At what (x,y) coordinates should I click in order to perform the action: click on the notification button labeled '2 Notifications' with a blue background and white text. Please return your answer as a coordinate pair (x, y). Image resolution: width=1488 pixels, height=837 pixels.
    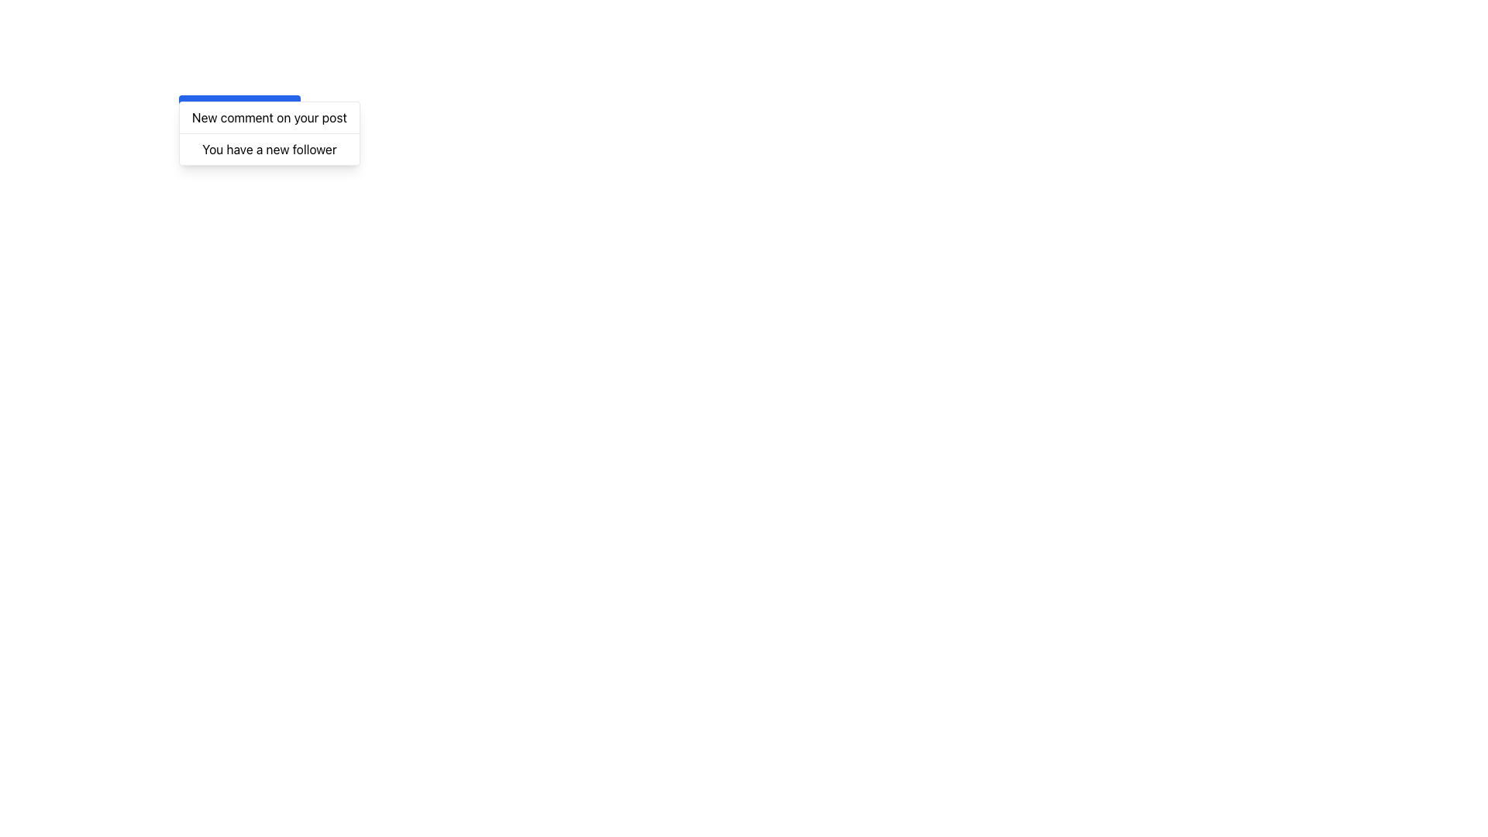
    Looking at the image, I should click on (239, 109).